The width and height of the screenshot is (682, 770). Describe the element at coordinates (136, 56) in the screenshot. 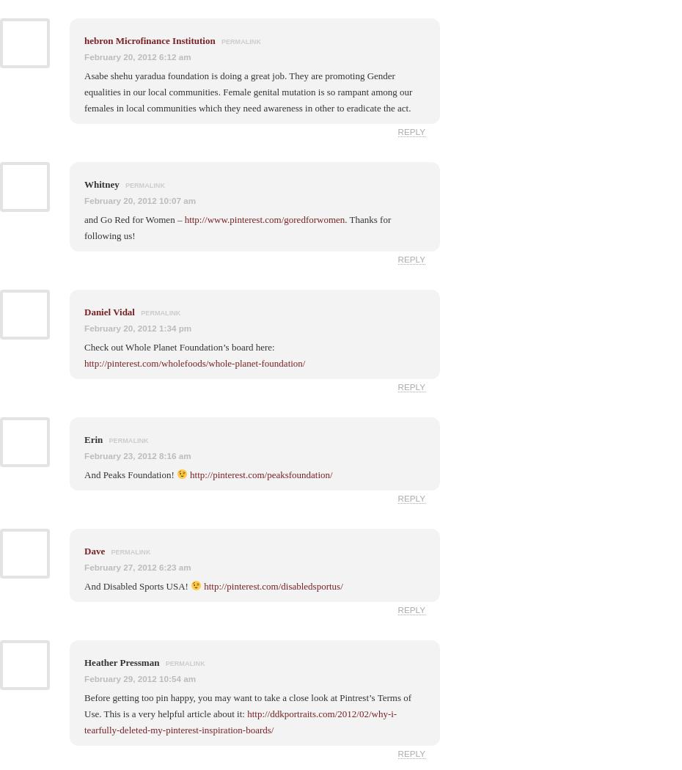

I see `'February 20, 2012 6:12 am'` at that location.